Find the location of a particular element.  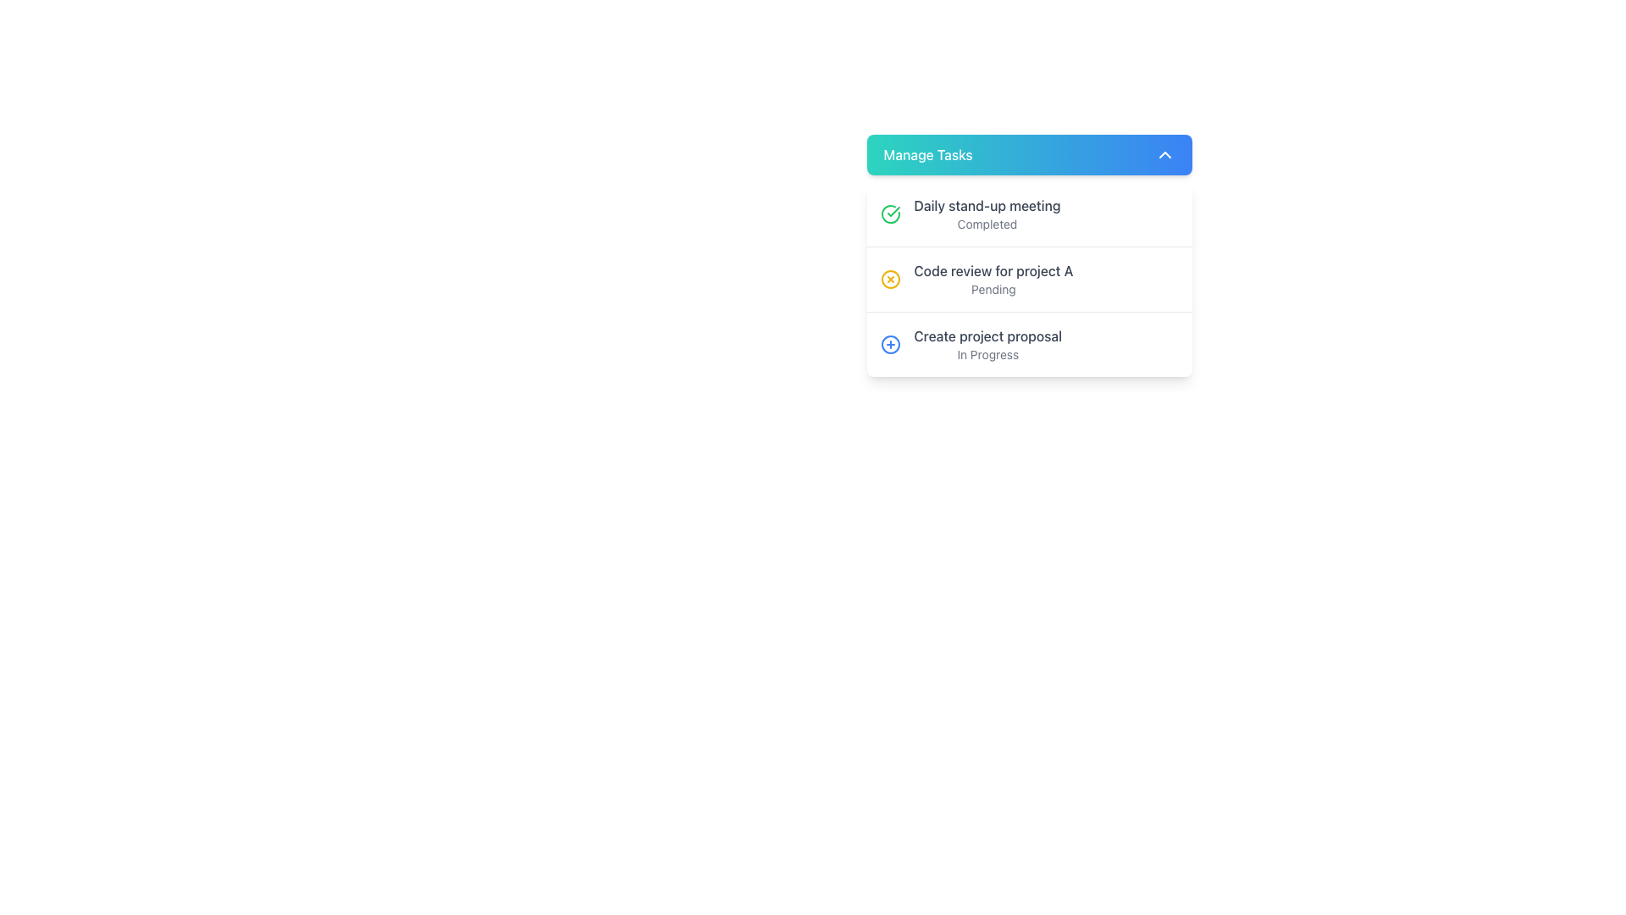

the 'Daily stand-up meeting' task icon, which indicates its completed status and is located next to the task text in the top-left section of the task list is located at coordinates (889, 213).